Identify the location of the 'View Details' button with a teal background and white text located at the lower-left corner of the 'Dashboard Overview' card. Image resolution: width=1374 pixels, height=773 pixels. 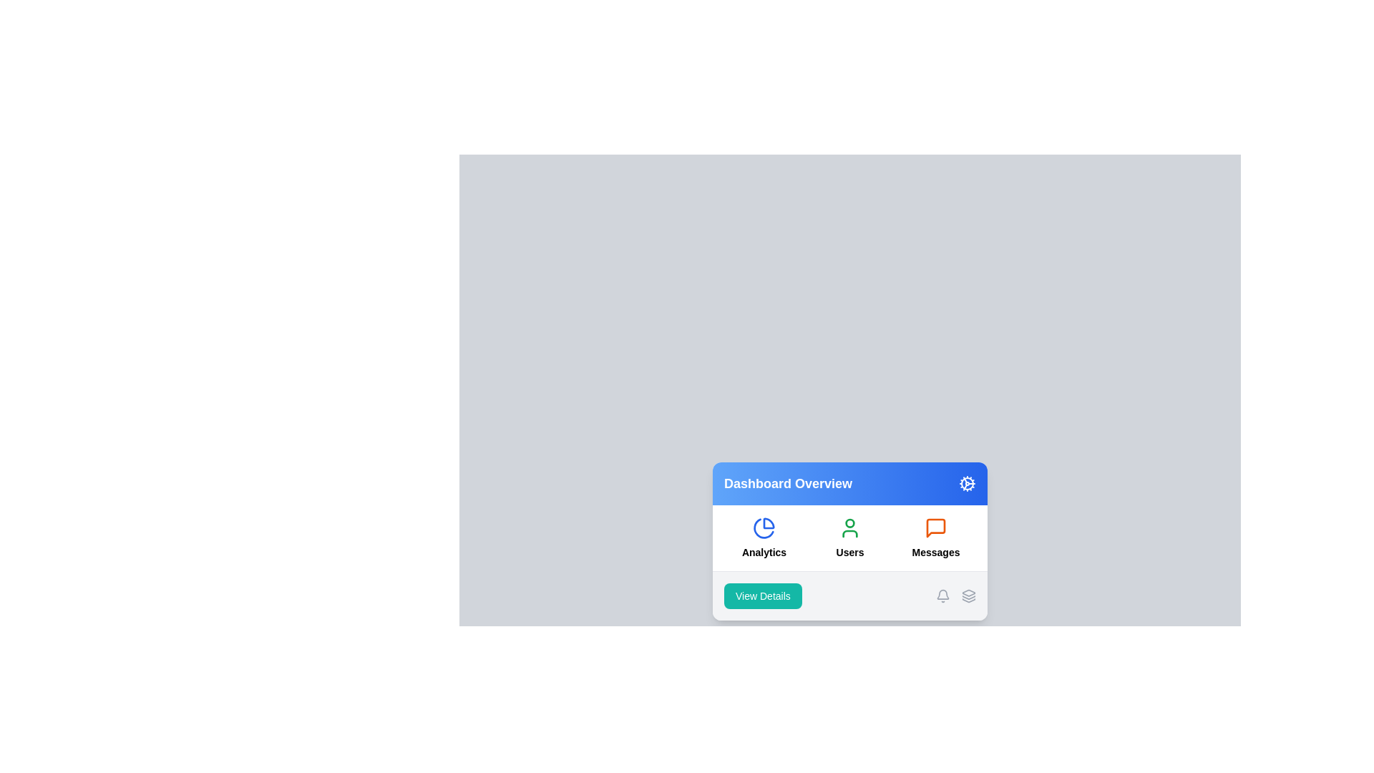
(762, 595).